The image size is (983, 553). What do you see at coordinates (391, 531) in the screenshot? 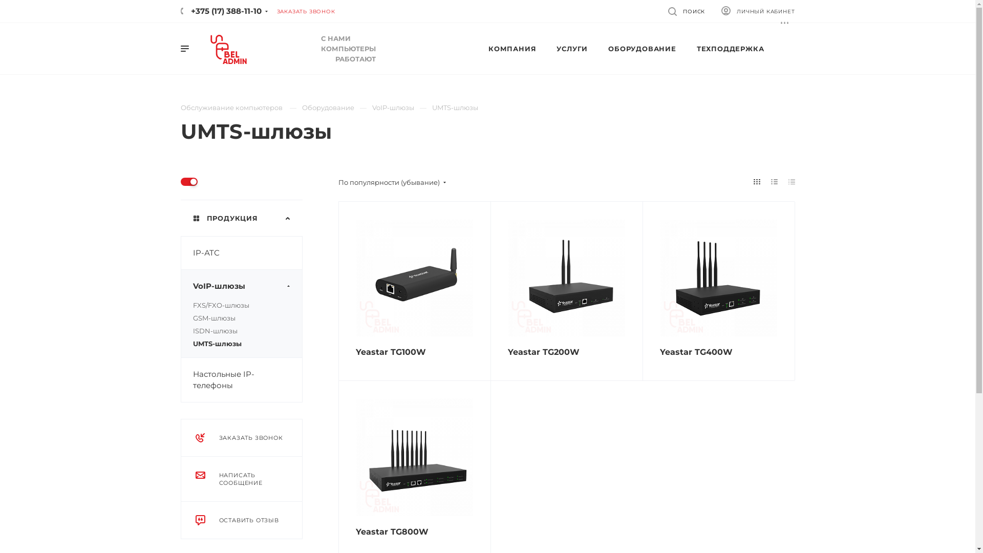
I see `'Yeastar TG800W'` at bounding box center [391, 531].